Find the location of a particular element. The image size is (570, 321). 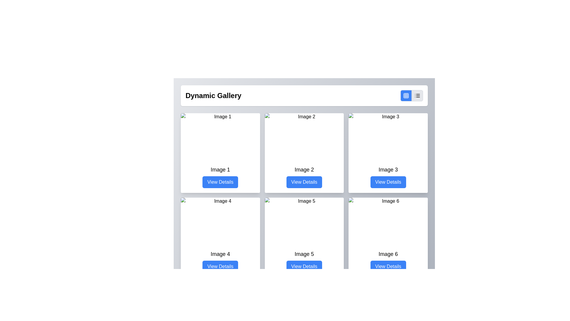

the 'View Details' button located below the heading 'Image 2' in the second column of the top row of the grid layout is located at coordinates (304, 176).